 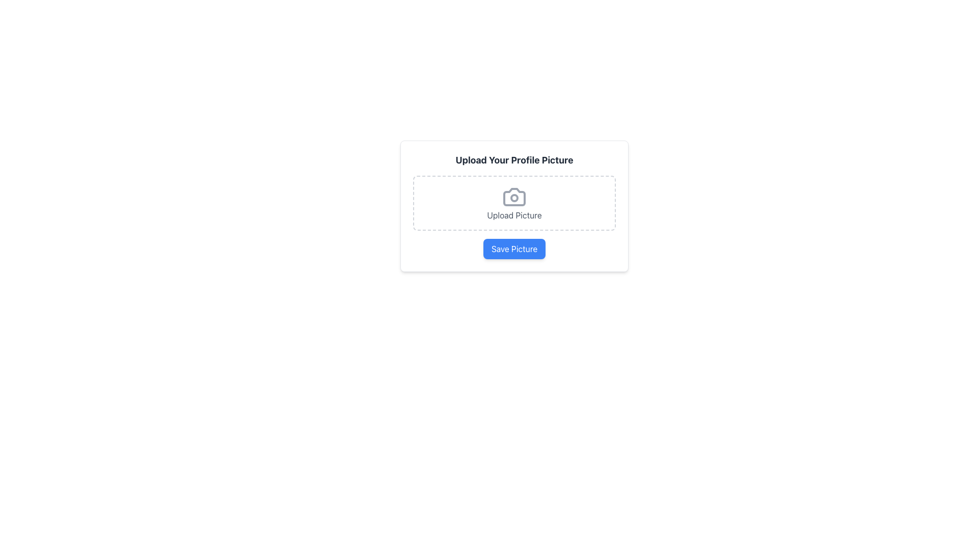 I want to click on the text label that says 'Upload Picture', which is styled in medium-gray font and located below a camera icon in the upload section, so click(x=514, y=215).